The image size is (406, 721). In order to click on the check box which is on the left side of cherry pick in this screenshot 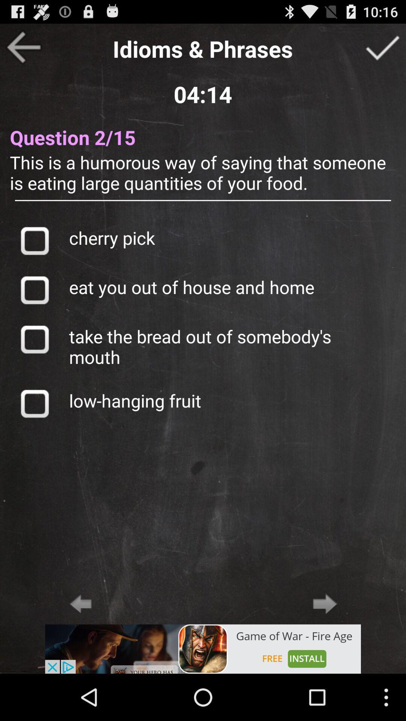, I will do `click(35, 241)`.